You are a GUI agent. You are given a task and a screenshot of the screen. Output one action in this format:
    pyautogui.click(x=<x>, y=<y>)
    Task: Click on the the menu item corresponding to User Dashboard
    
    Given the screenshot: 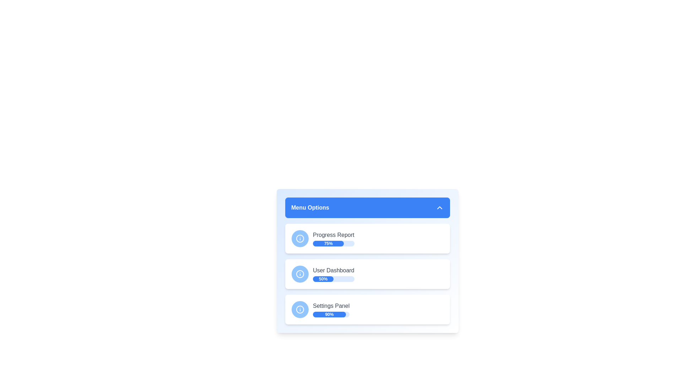 What is the action you would take?
    pyautogui.click(x=368, y=273)
    